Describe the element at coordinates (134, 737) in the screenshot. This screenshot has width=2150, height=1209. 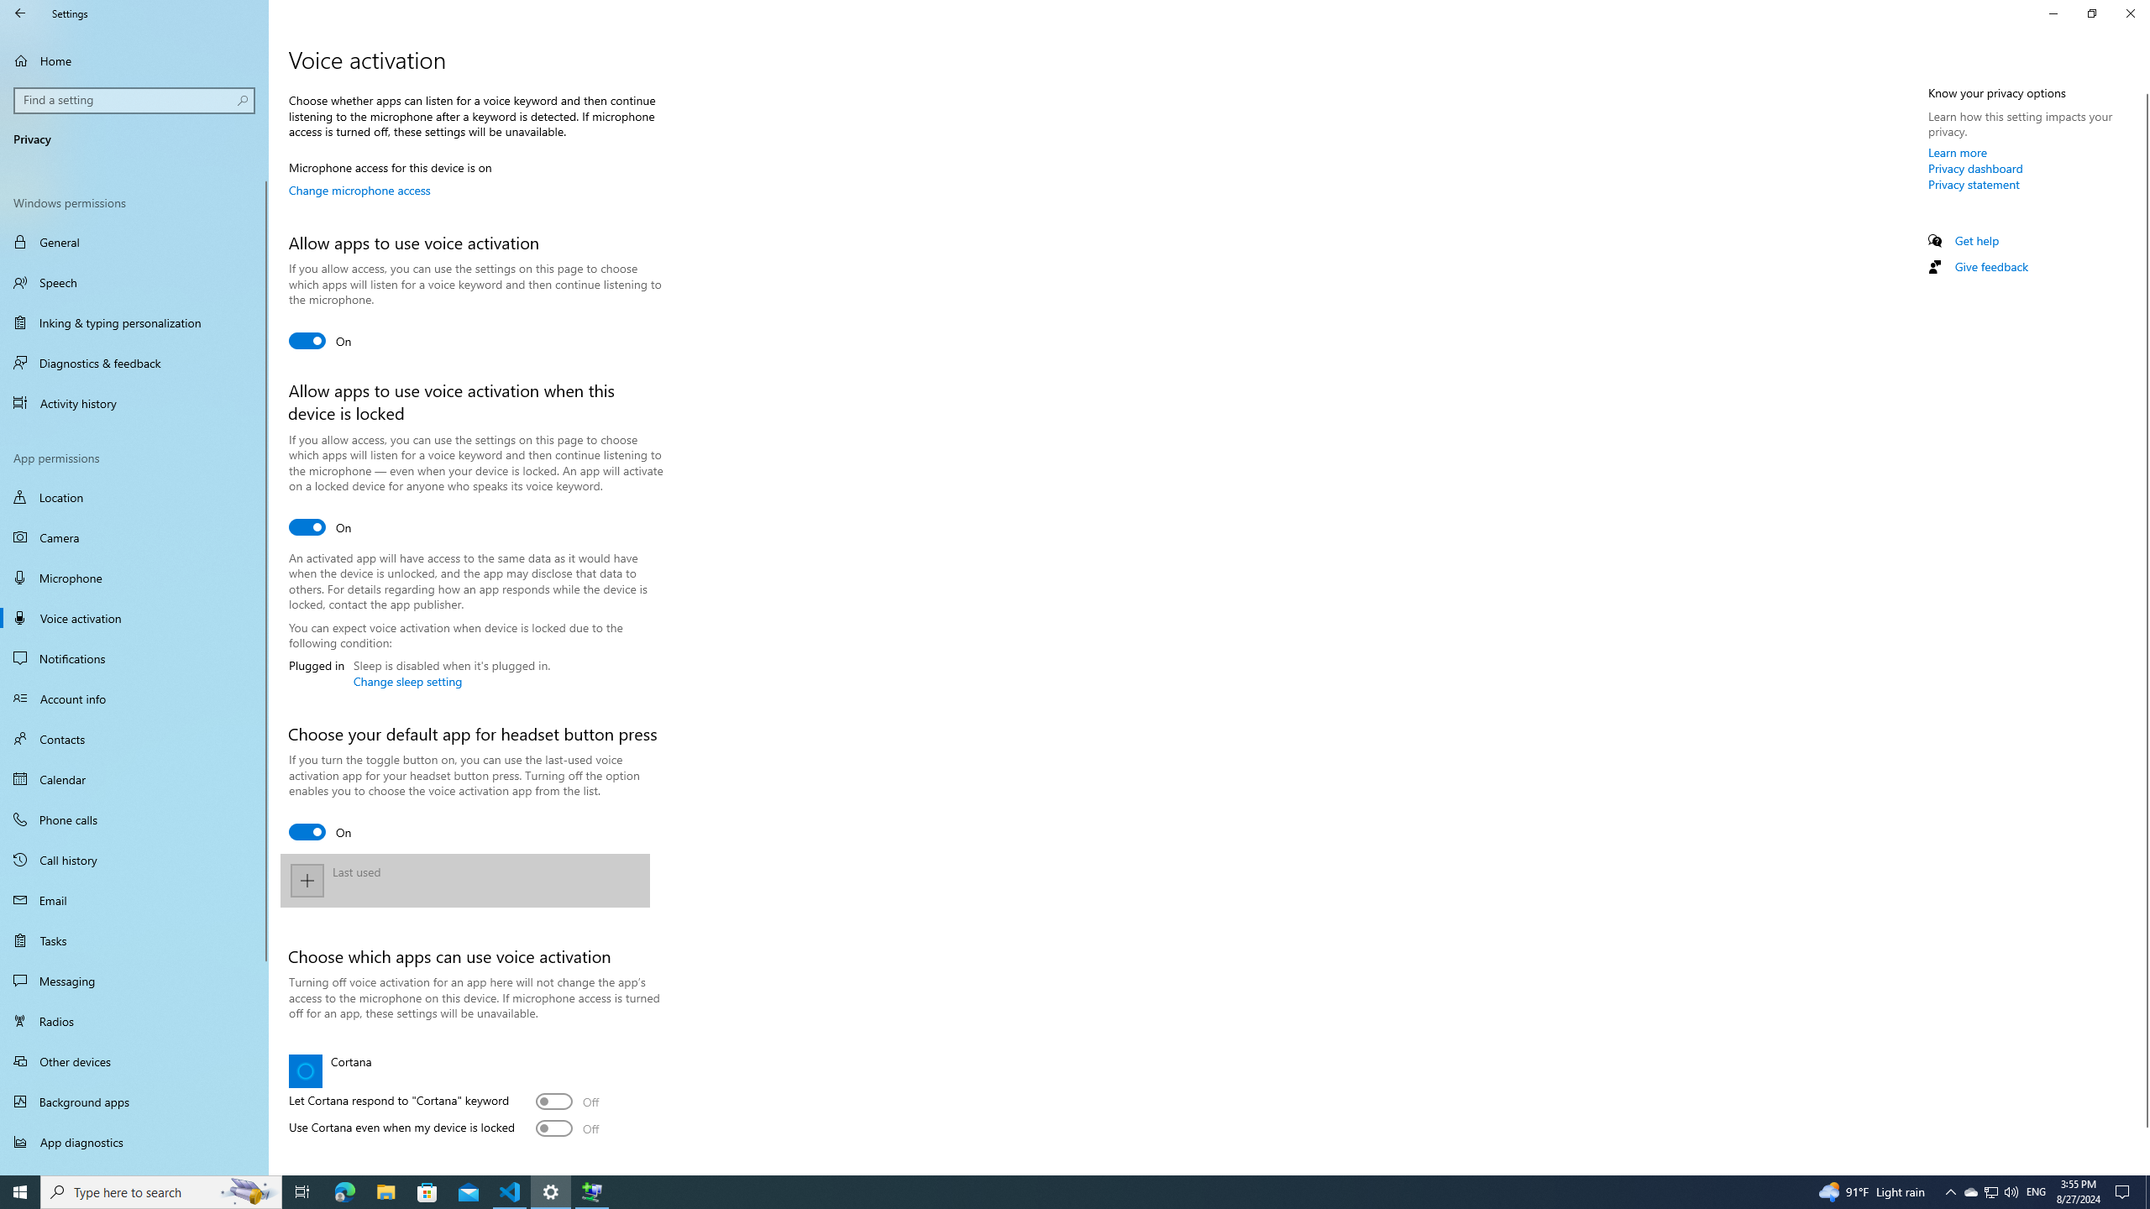
I see `'Contacts'` at that location.